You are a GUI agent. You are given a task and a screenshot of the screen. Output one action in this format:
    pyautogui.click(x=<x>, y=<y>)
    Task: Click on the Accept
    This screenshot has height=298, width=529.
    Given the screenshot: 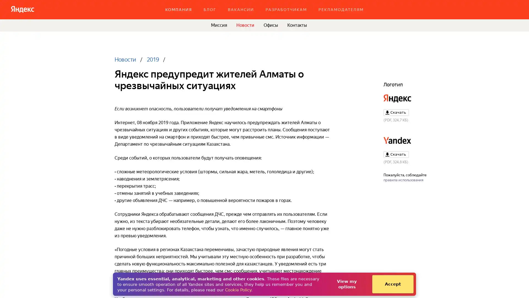 What is the action you would take?
    pyautogui.click(x=392, y=284)
    